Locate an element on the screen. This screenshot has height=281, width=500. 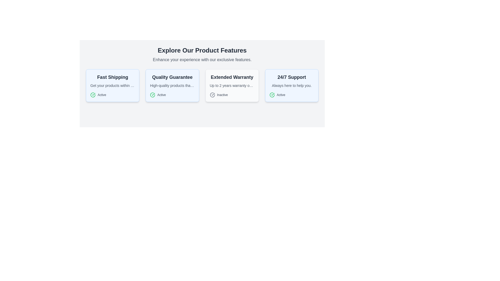
text block element displaying 'High-quality products that last.' which is styled with a gray font color and located below the title 'Quality Guarantee' in the second card of a horizontally arranged set of four cards is located at coordinates (172, 85).